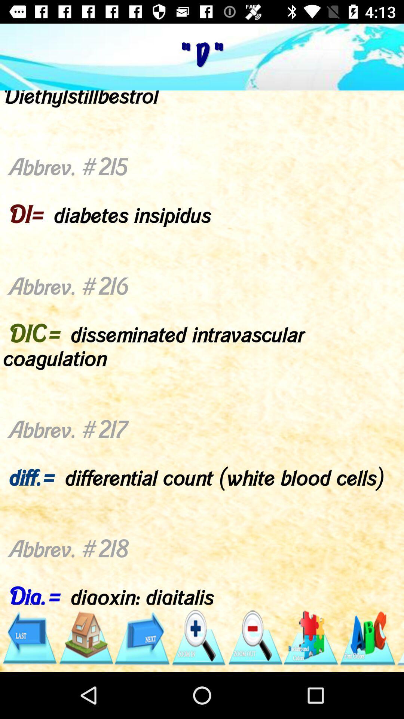 The height and width of the screenshot is (719, 404). I want to click on go back, so click(29, 637).